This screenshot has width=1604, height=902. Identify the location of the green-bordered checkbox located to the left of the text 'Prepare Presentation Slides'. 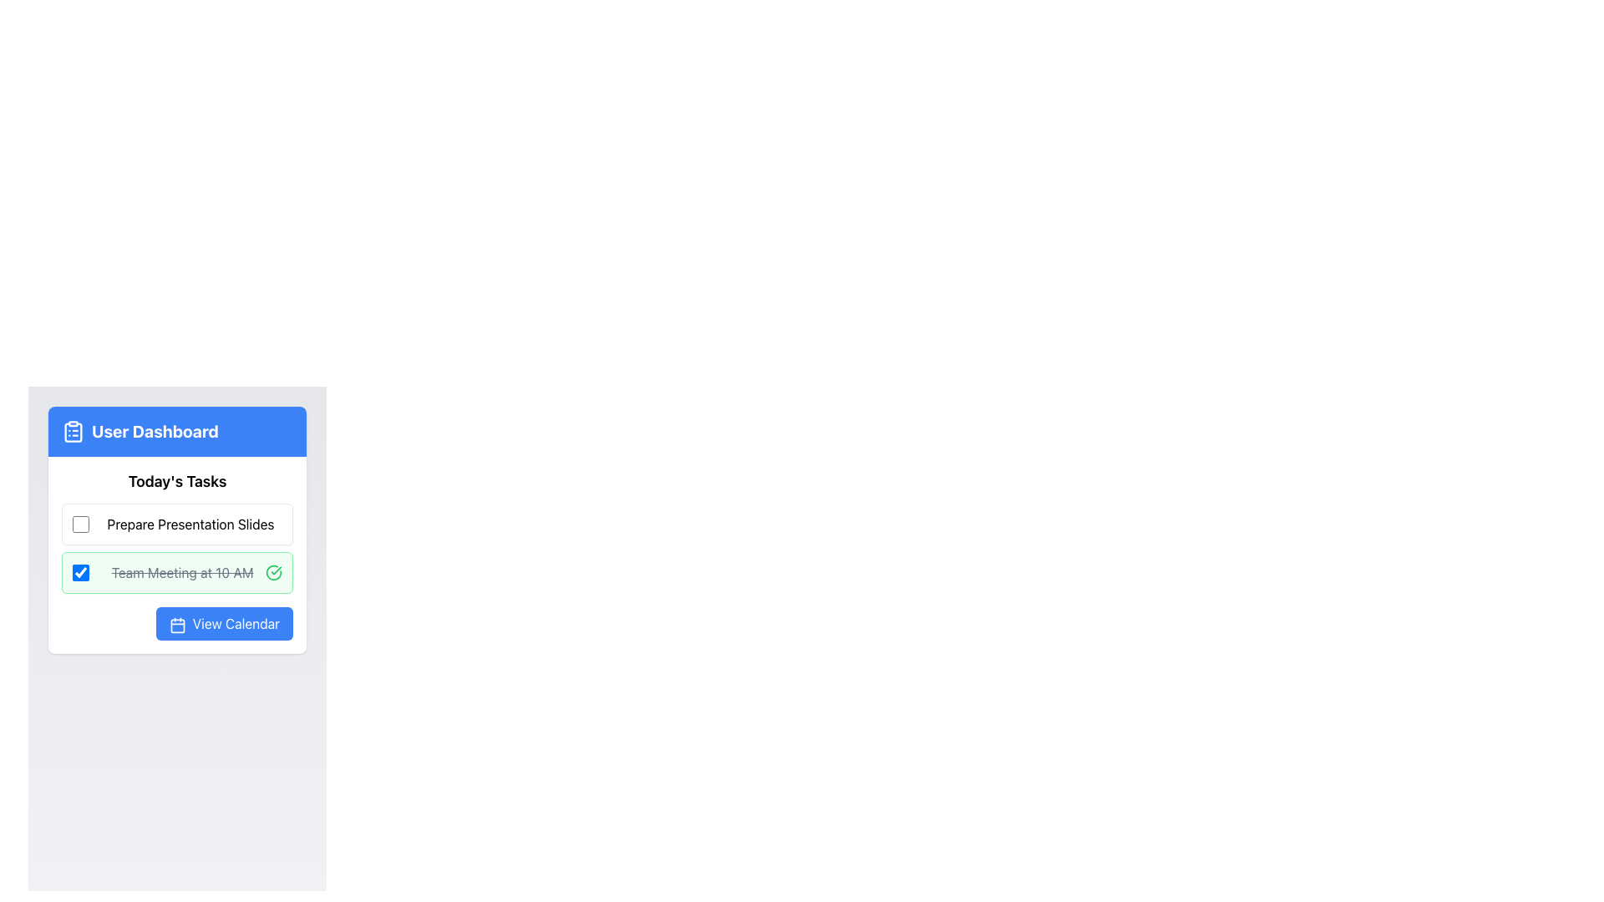
(79, 524).